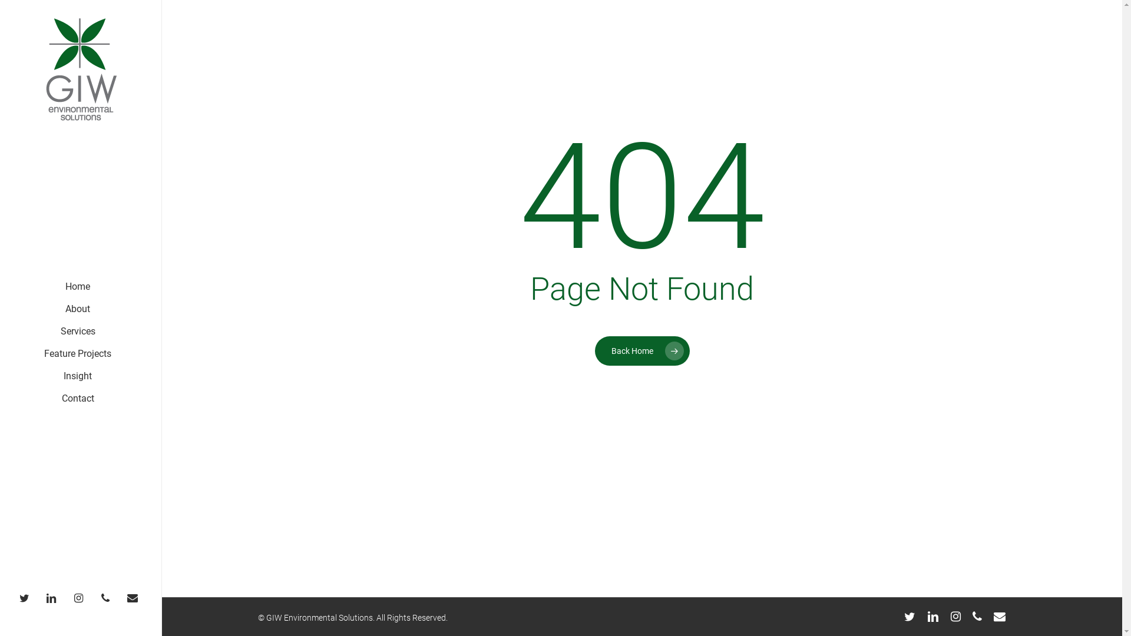 This screenshot has height=636, width=1131. I want to click on 'phone', so click(973, 615).